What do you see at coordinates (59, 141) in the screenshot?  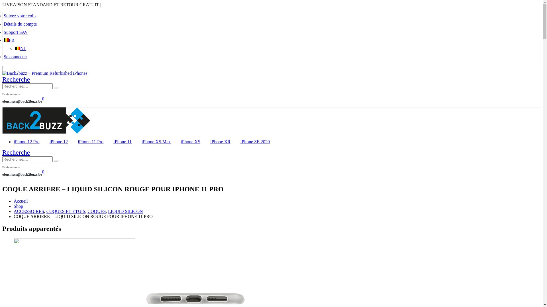 I see `'iPhone 12'` at bounding box center [59, 141].